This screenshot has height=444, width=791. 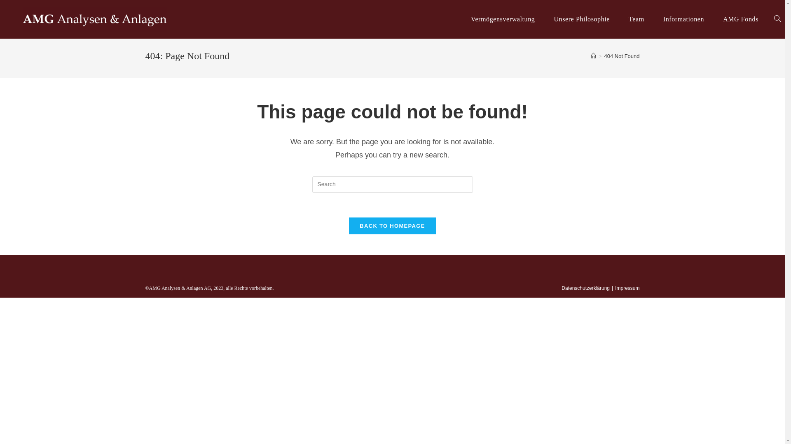 I want to click on 'Unsere Philosophie', so click(x=581, y=18).